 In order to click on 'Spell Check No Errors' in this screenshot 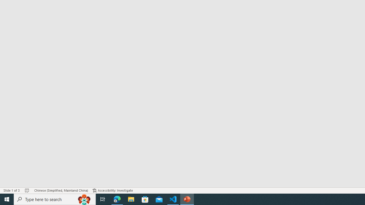, I will do `click(27, 190)`.